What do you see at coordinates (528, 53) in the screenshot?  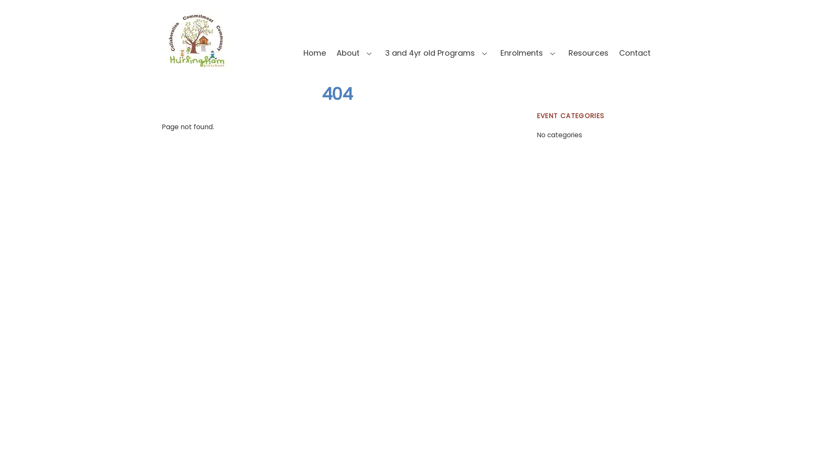 I see `'Enrolments'` at bounding box center [528, 53].